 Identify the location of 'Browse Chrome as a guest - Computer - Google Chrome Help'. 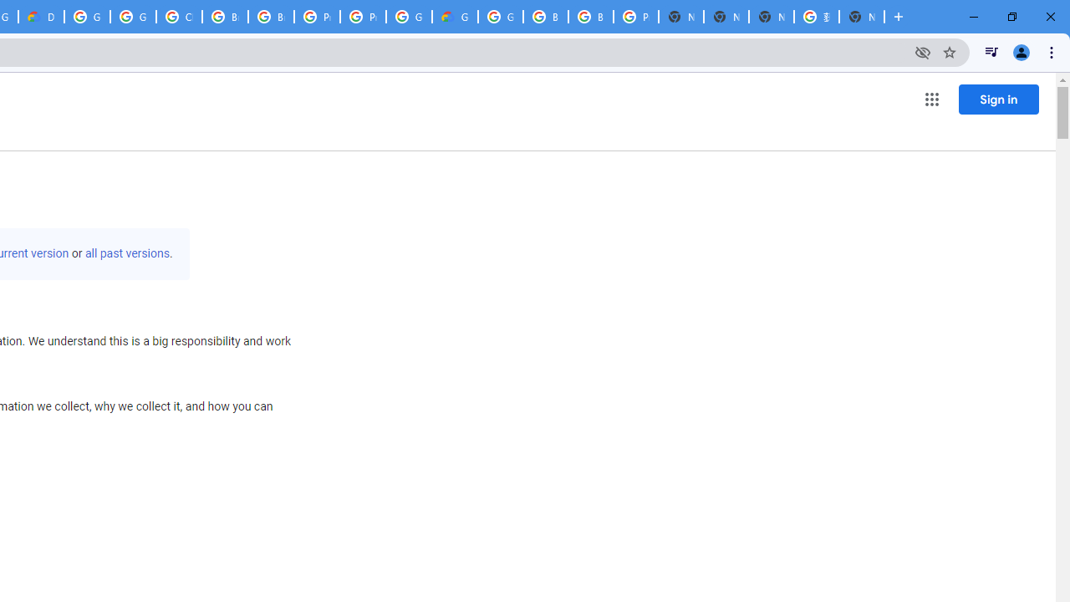
(224, 17).